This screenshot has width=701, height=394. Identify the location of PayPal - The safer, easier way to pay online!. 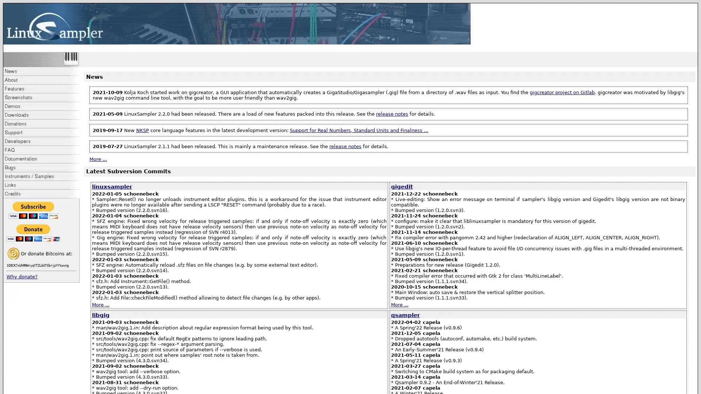
(32, 210).